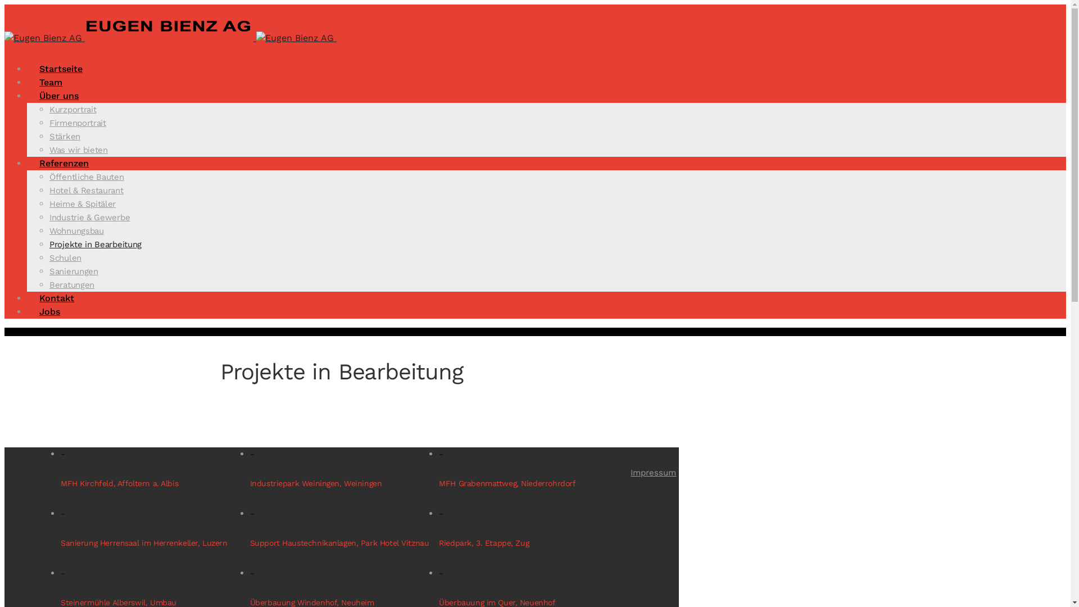 The height and width of the screenshot is (607, 1079). Describe the element at coordinates (48, 149) in the screenshot. I see `'Was wir bieten'` at that location.